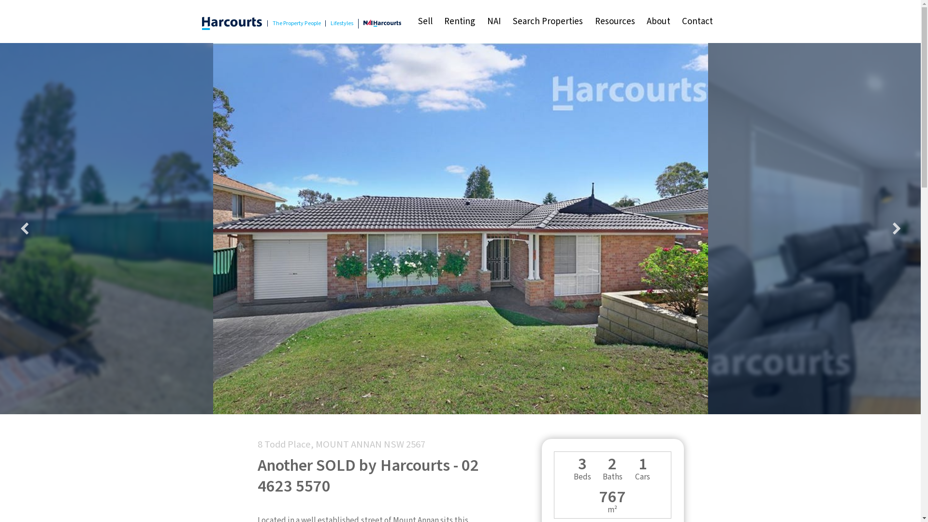 The width and height of the screenshot is (928, 522). What do you see at coordinates (697, 22) in the screenshot?
I see `'Contact'` at bounding box center [697, 22].